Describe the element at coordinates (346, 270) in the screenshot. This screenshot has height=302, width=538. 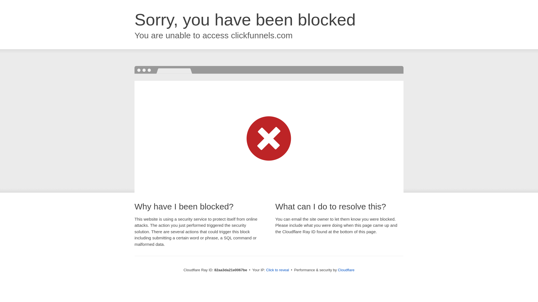
I see `'Cloudflare'` at that location.